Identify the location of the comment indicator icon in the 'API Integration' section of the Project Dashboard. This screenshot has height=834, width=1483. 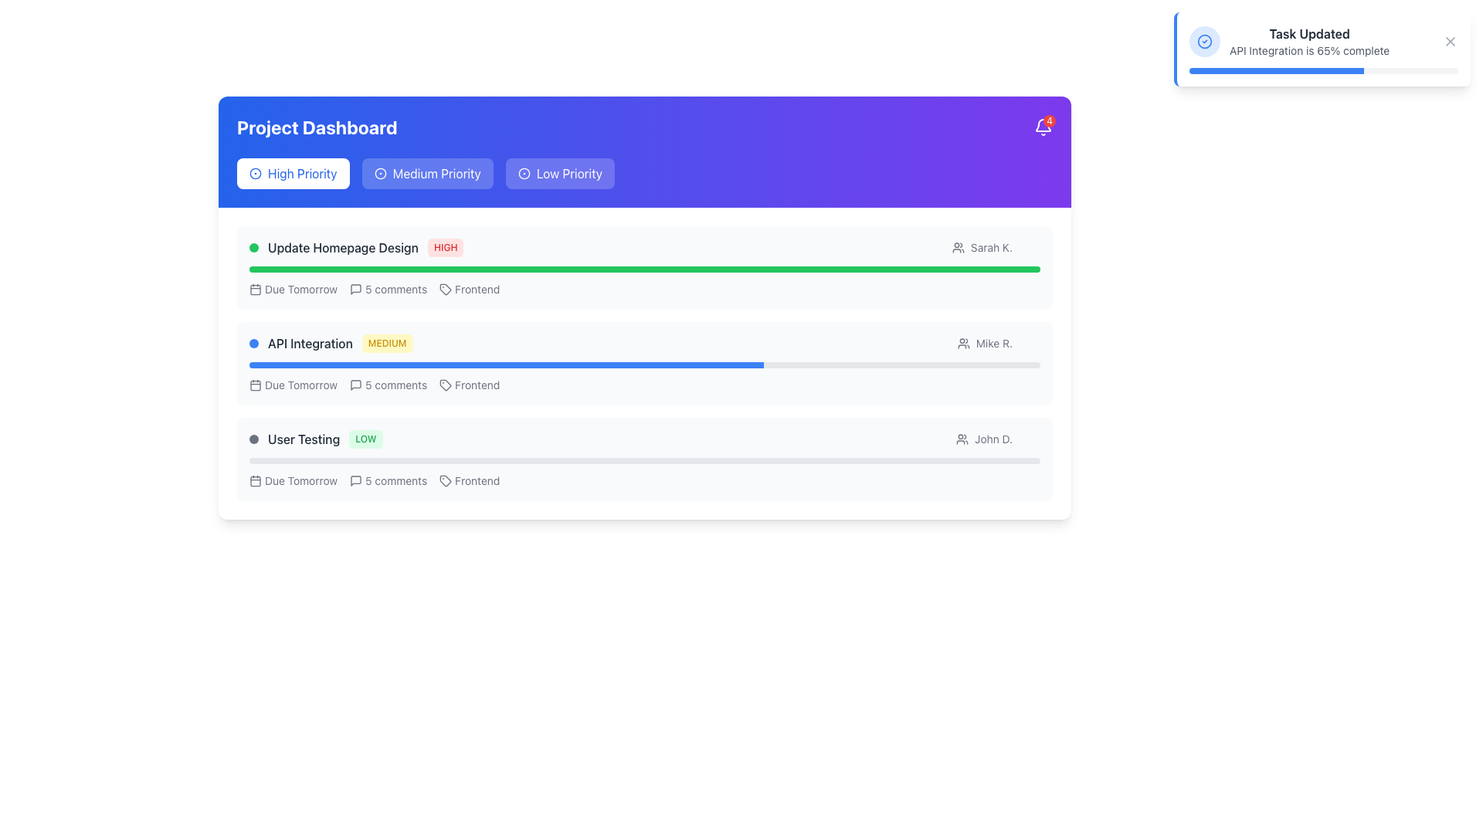
(389, 384).